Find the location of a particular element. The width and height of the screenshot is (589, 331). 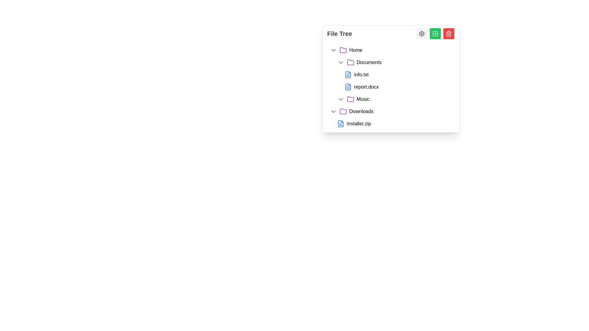

the 'Home' folder icon in the file tree navigation structure, which visually represents the folder concept and is located next to the 'Home' label is located at coordinates (343, 50).